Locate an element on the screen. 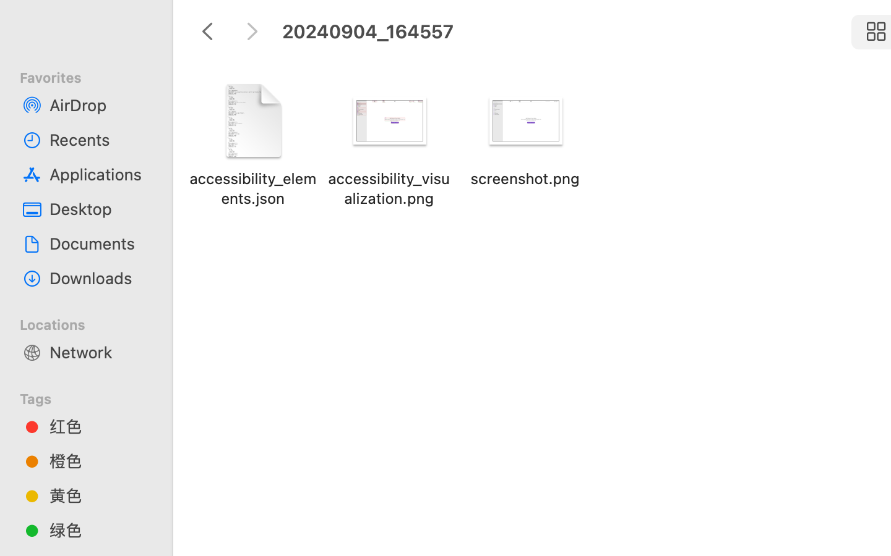 The width and height of the screenshot is (891, 556). 'Documents' is located at coordinates (98, 243).